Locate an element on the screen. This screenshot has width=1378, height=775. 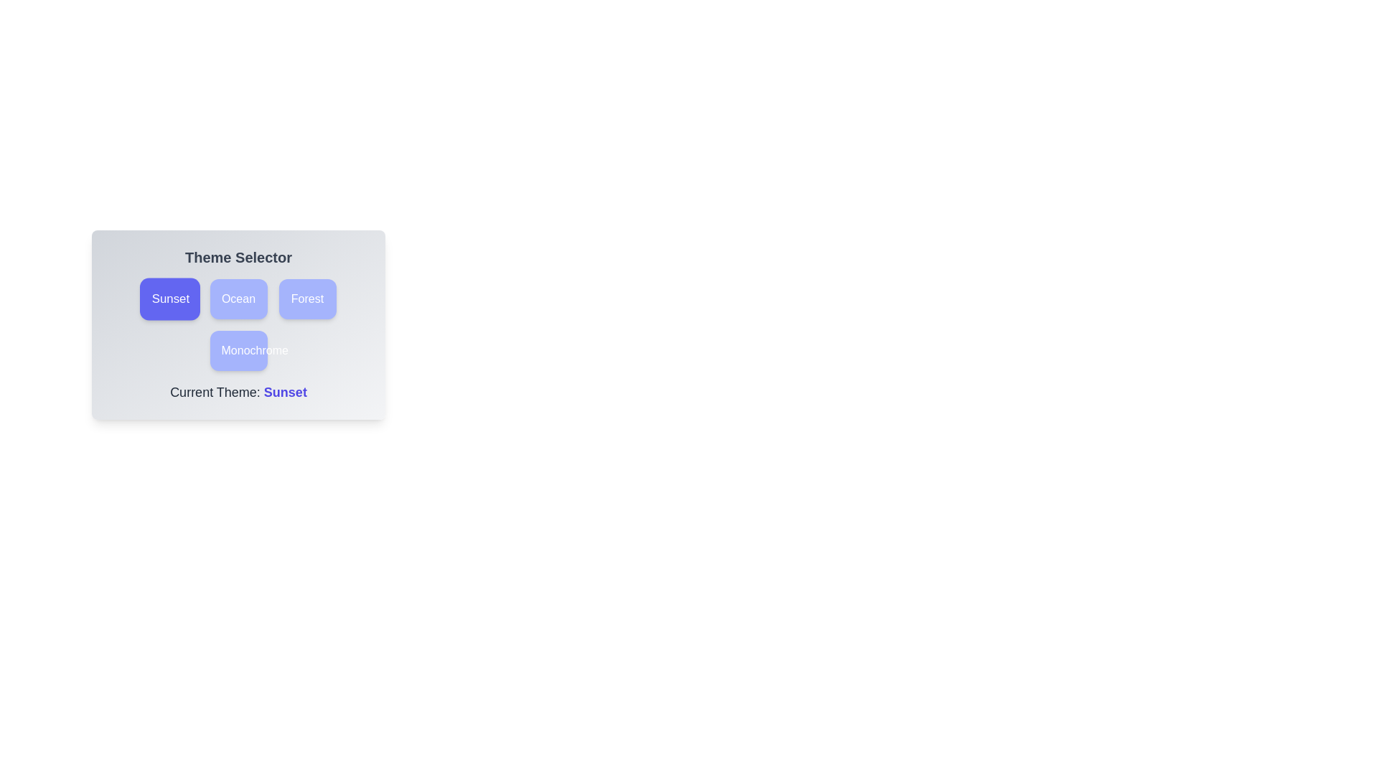
the theme button labeled Ocean is located at coordinates (238, 298).